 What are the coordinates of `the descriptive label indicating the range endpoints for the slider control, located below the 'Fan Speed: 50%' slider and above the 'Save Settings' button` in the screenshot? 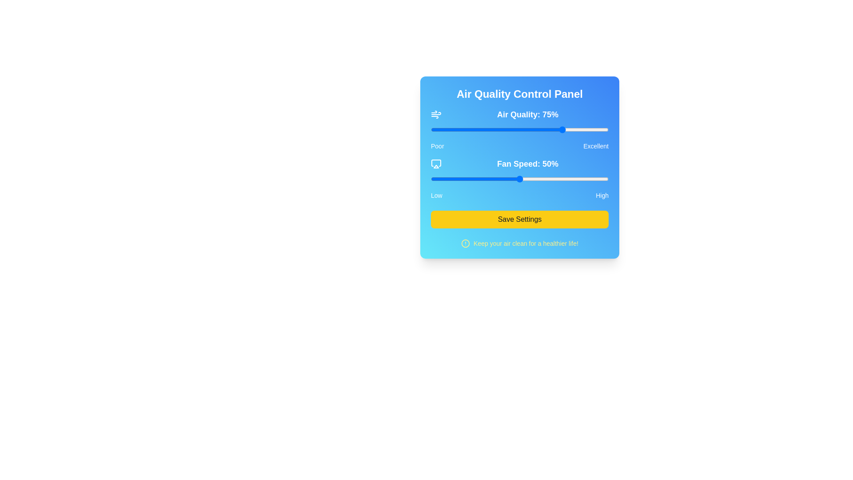 It's located at (520, 195).